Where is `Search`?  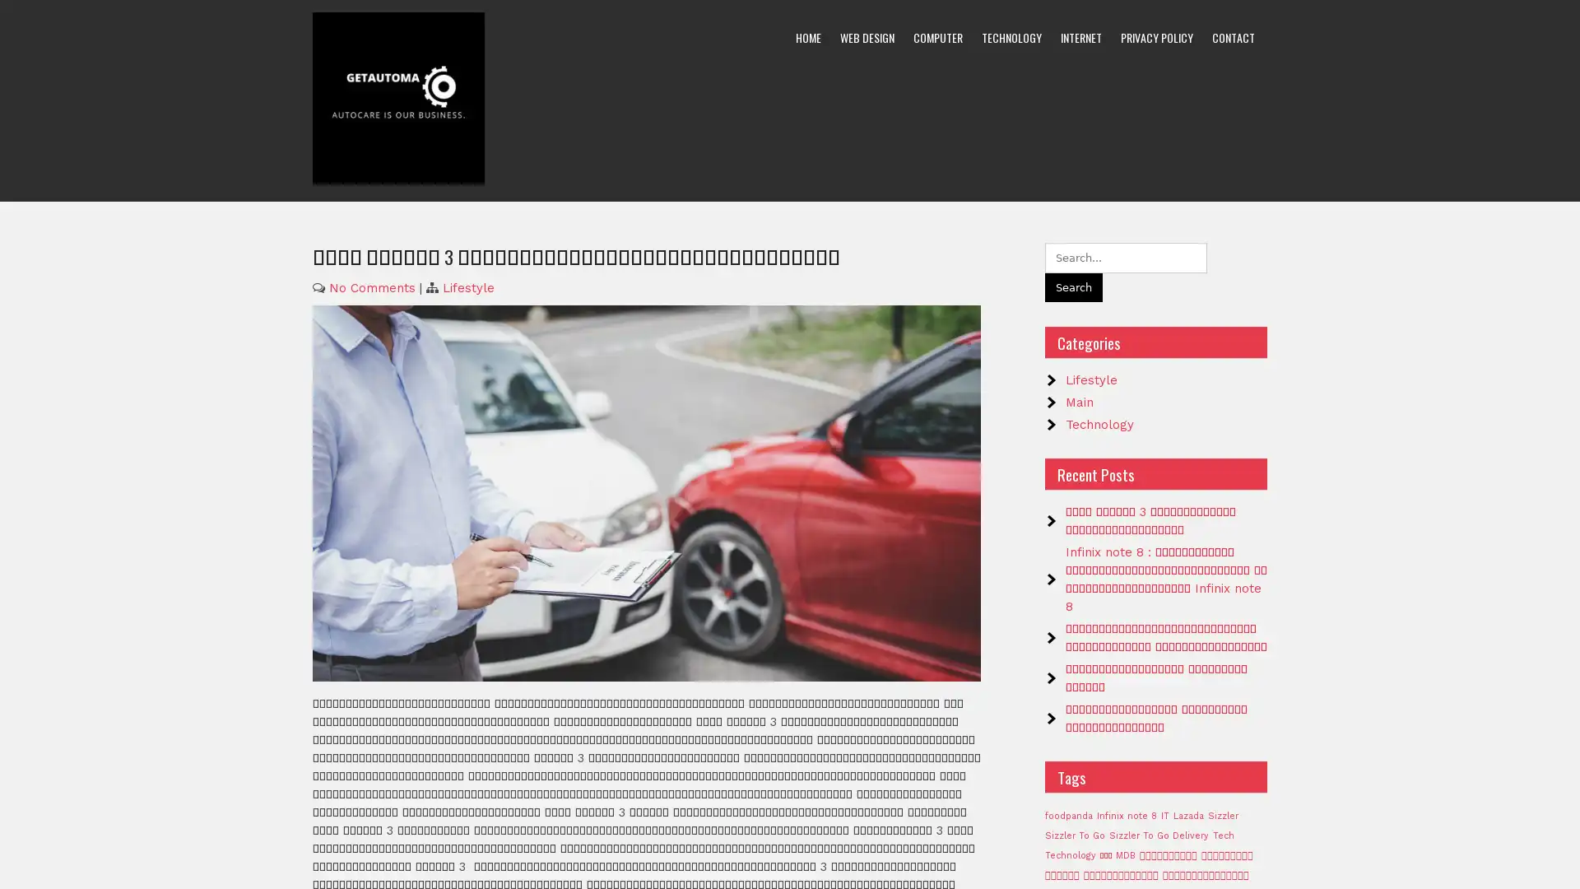
Search is located at coordinates (1074, 286).